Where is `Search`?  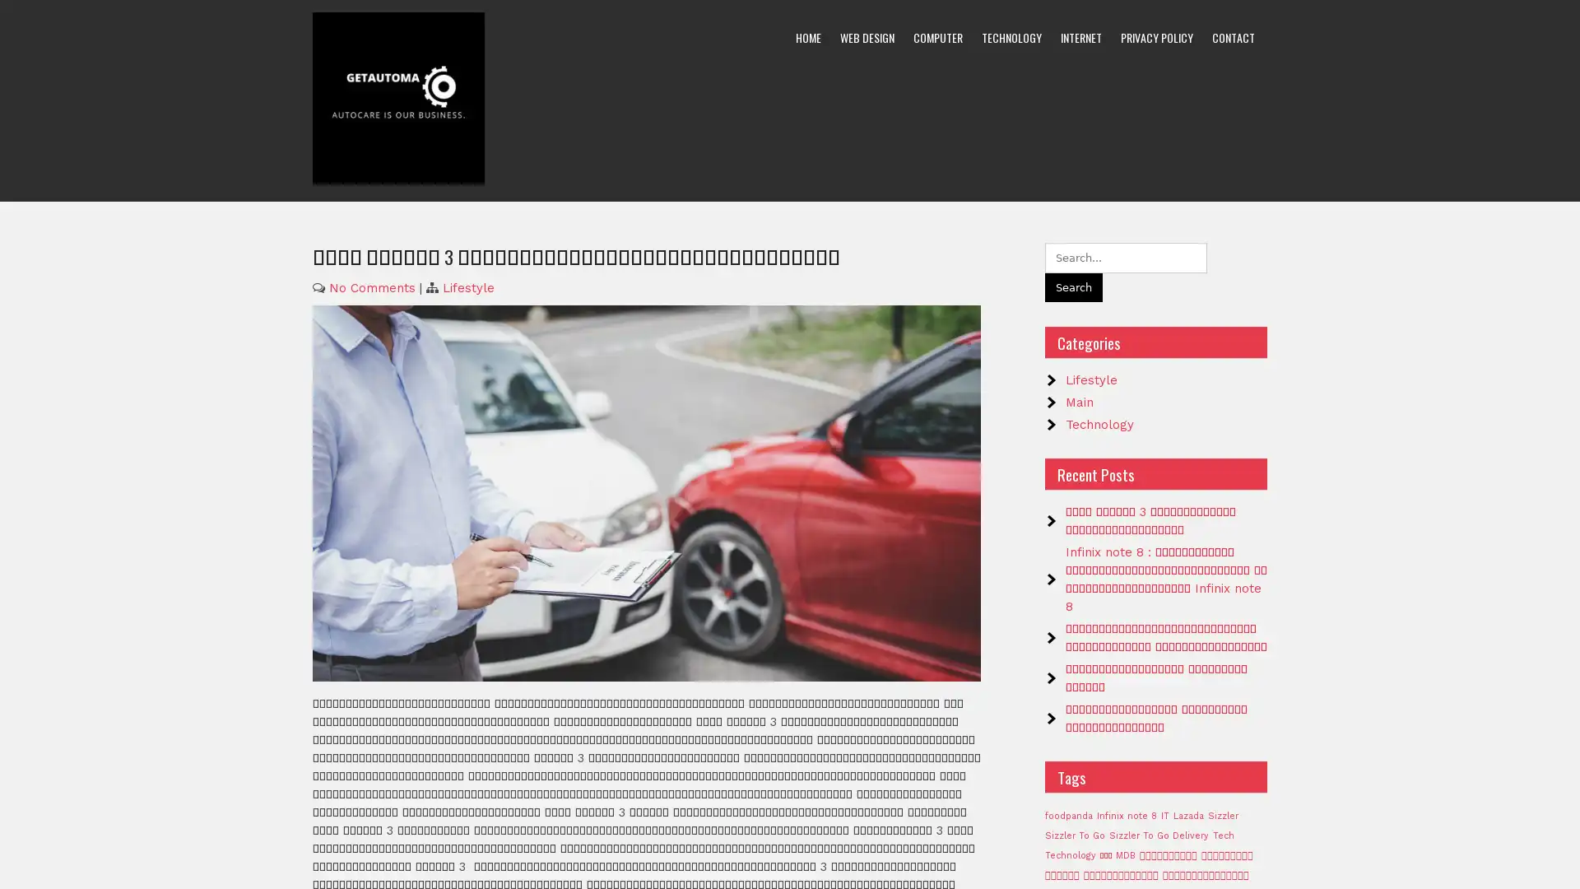
Search is located at coordinates (1074, 286).